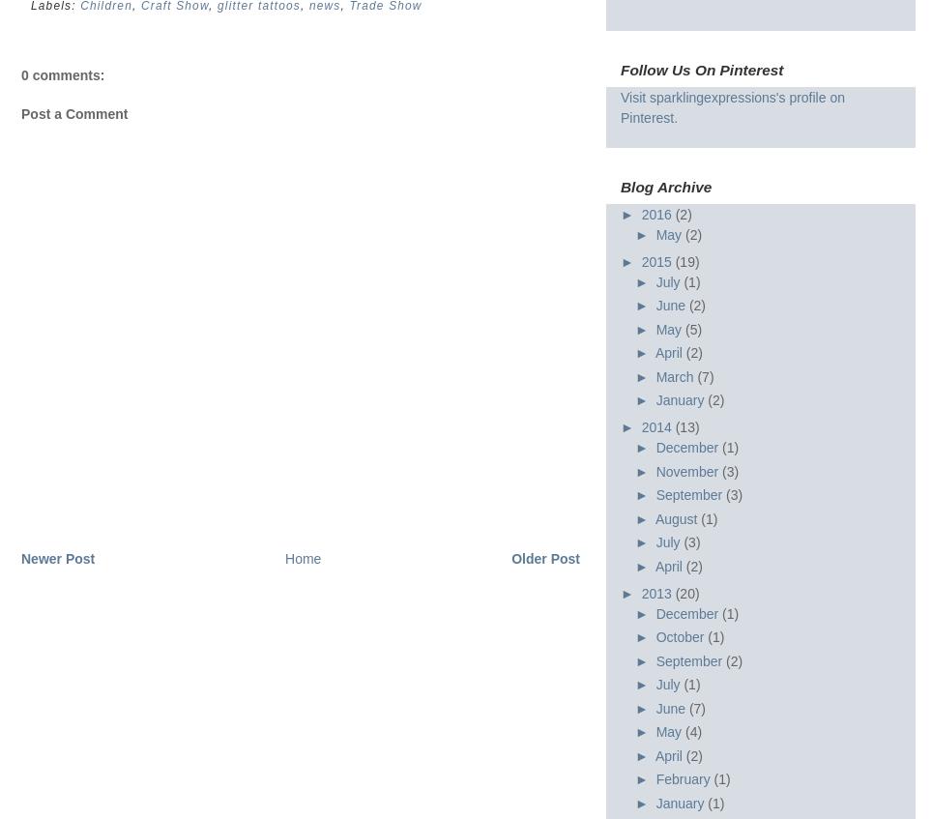 This screenshot has height=819, width=932. Describe the element at coordinates (700, 69) in the screenshot. I see `'Follow Us On Pinterest'` at that location.